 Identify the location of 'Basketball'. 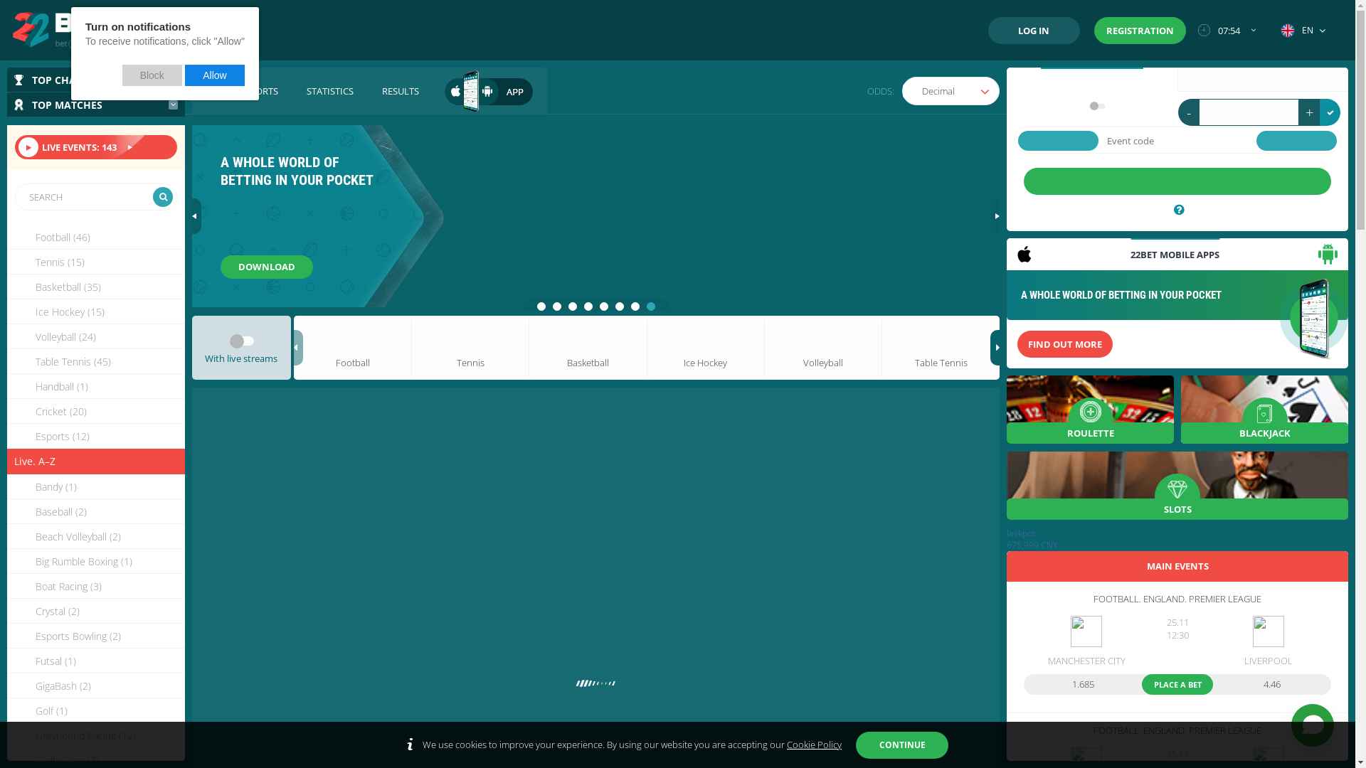
(528, 348).